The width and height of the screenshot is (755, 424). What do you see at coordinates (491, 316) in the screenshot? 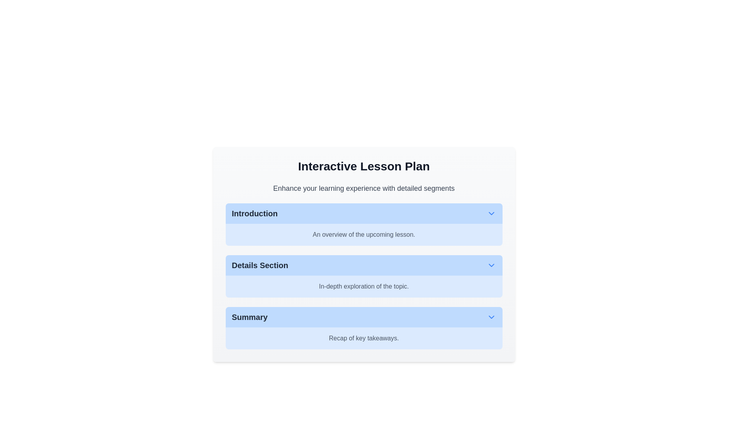
I see `the dropdown toggle icon located to the right of the 'Summary' text within the 'Summary' section` at bounding box center [491, 316].